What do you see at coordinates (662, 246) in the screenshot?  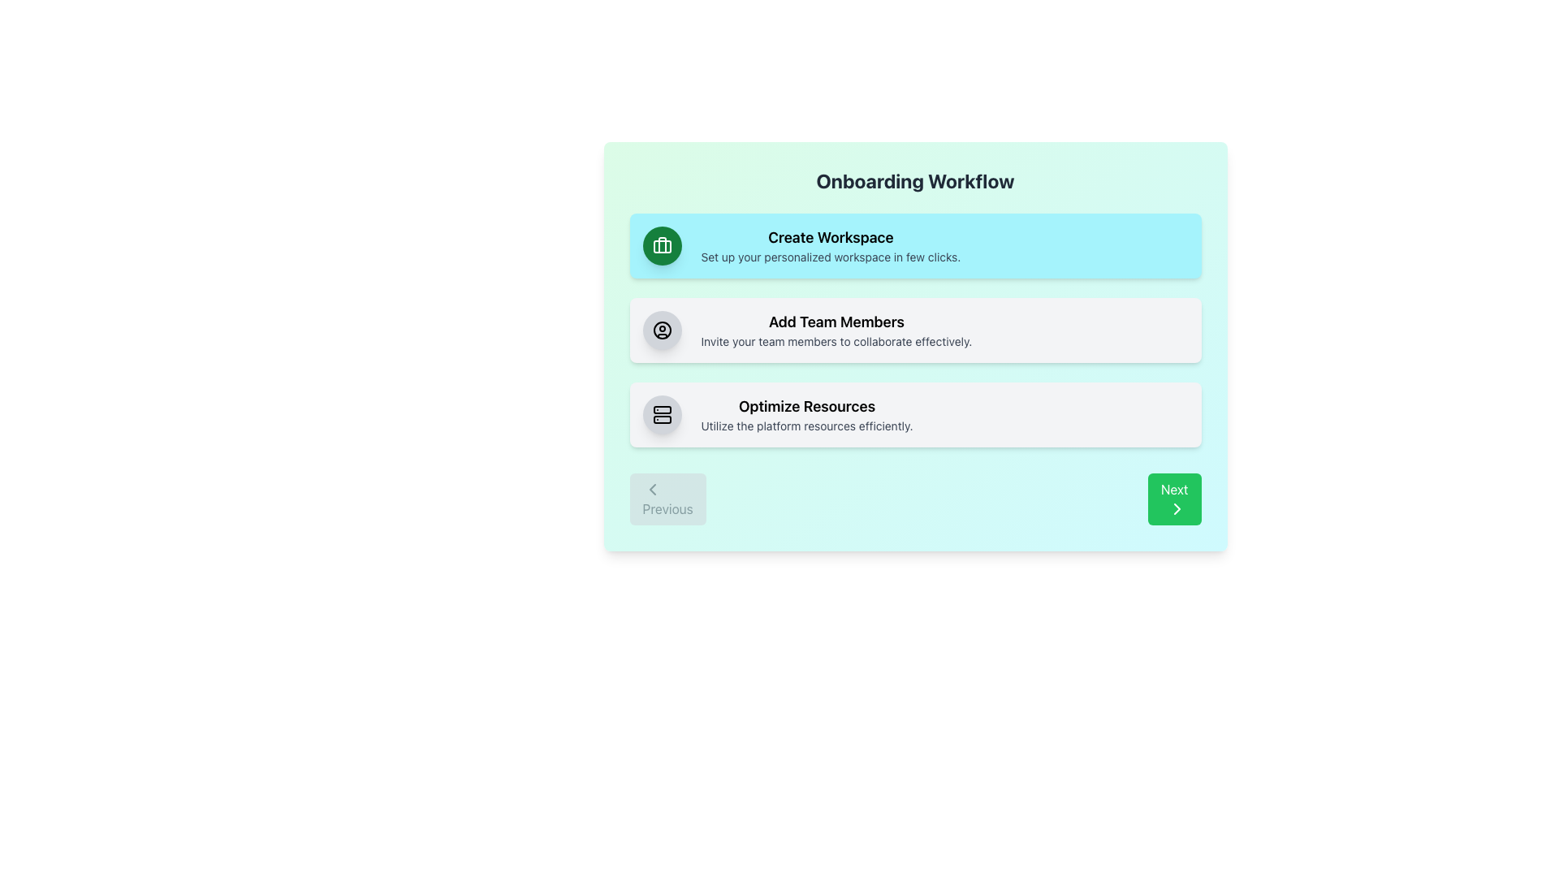 I see `the Icon button located in the light-blue rectangular section titled 'Create Workspace', positioned near the top-left corner alongside the subtitle 'Set up your personalized workspace in few clicks'` at bounding box center [662, 246].